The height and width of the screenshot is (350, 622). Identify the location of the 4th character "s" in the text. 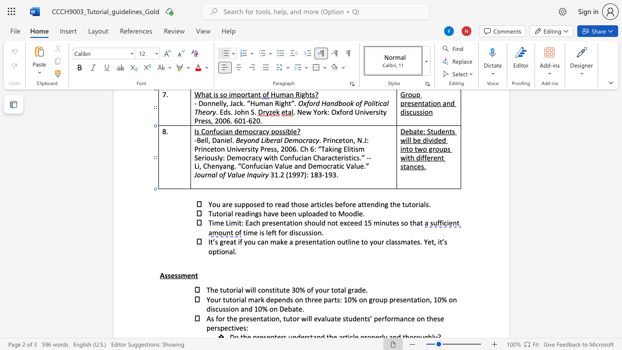
(179, 275).